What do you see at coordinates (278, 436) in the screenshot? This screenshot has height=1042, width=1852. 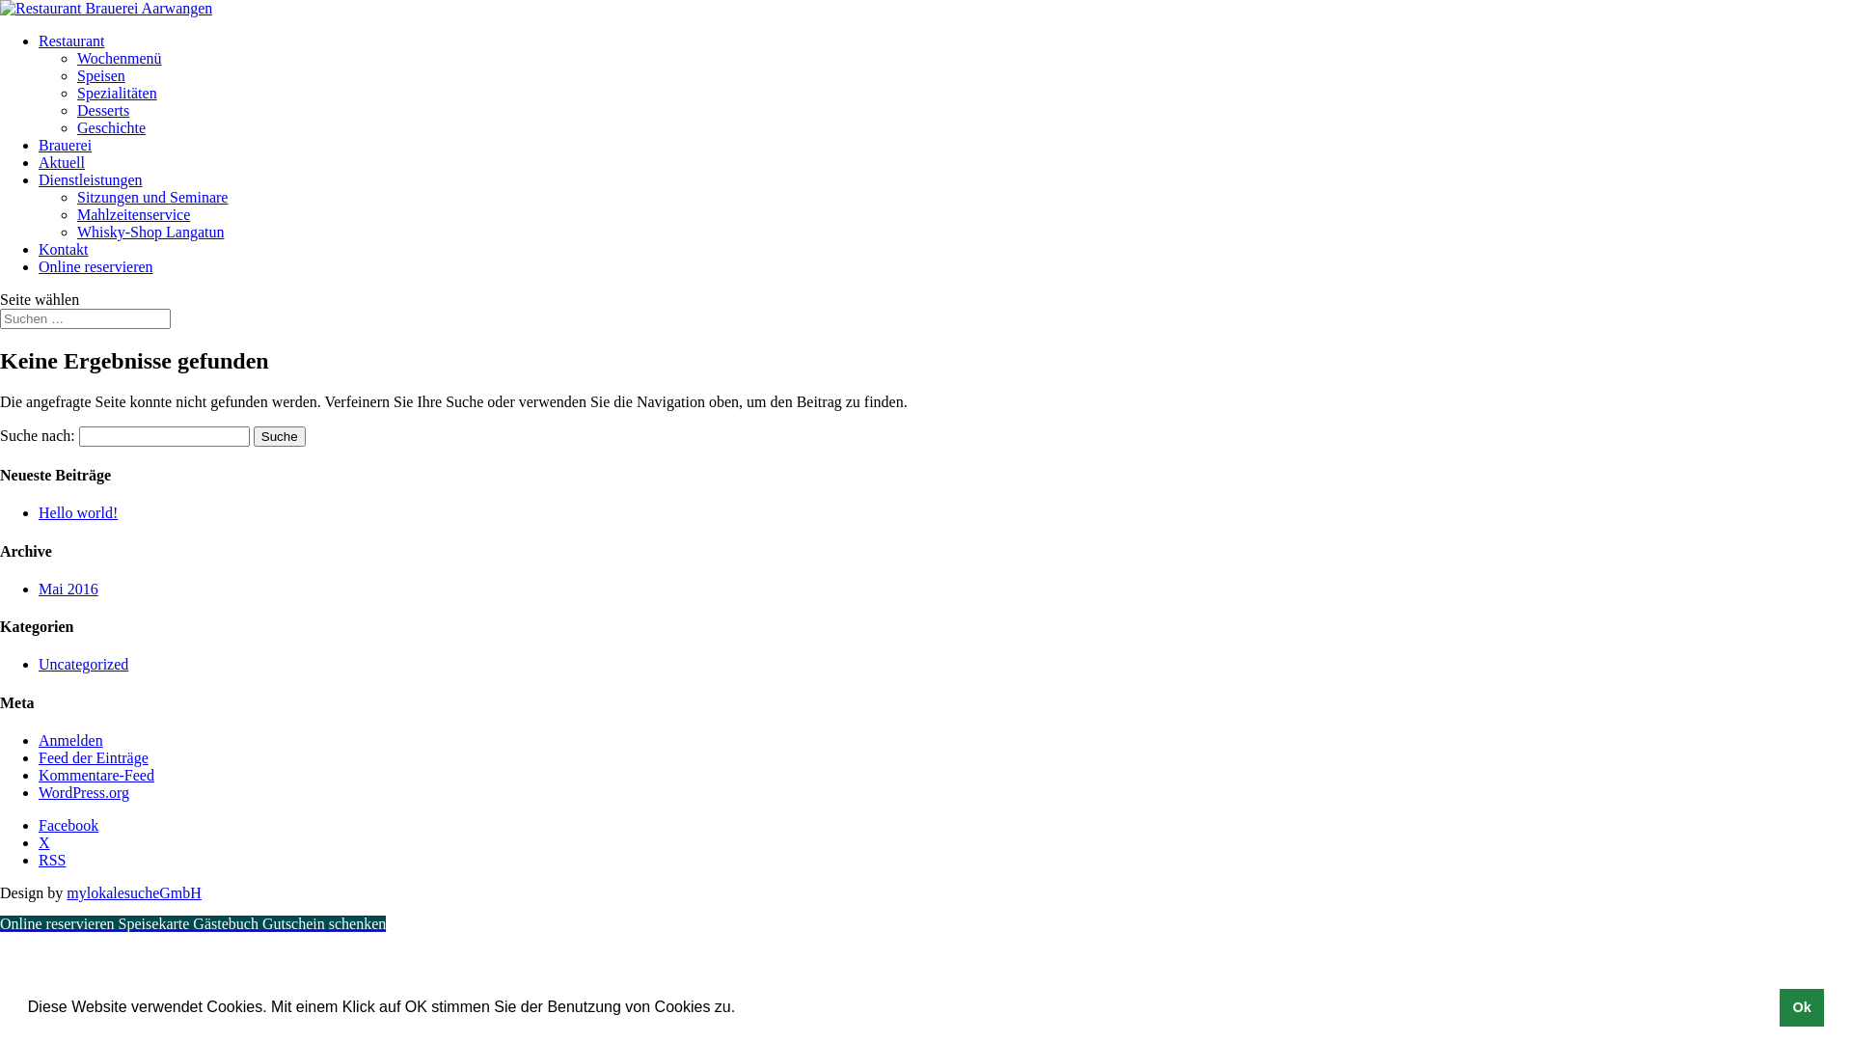 I see `'Suche'` at bounding box center [278, 436].